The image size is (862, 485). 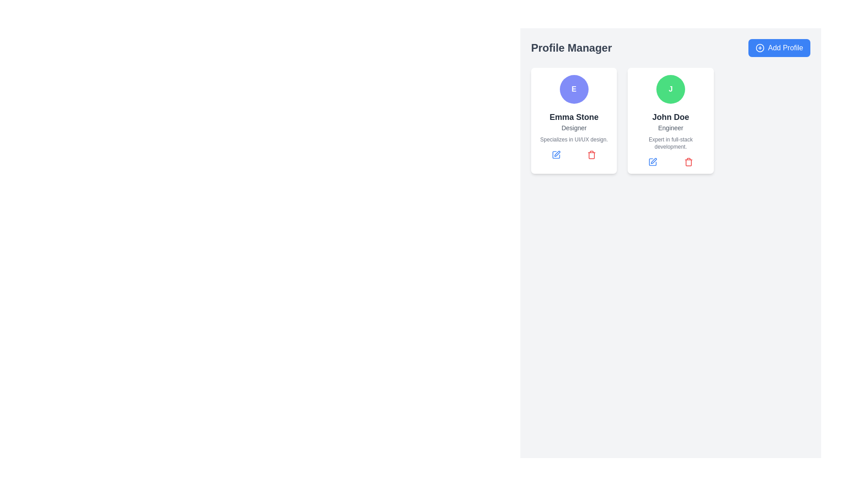 I want to click on the outlined pen icon button for editing, located on the left side of the action icons row within John Doe's profile card, so click(x=555, y=154).